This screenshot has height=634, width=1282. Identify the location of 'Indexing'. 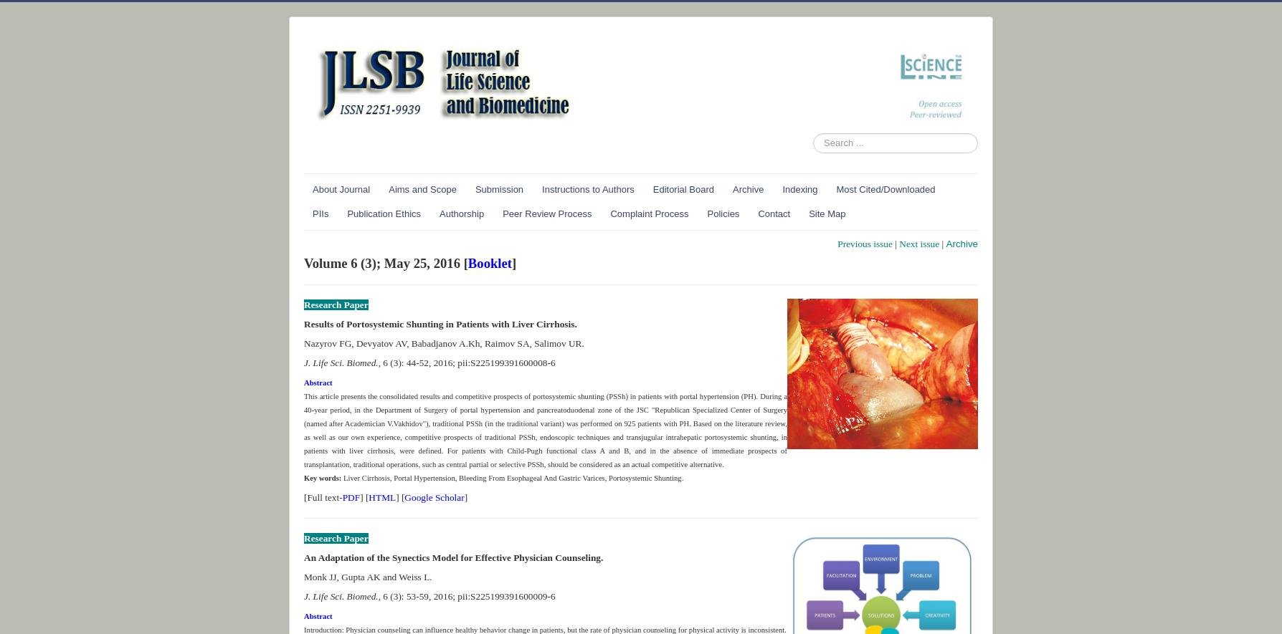
(799, 188).